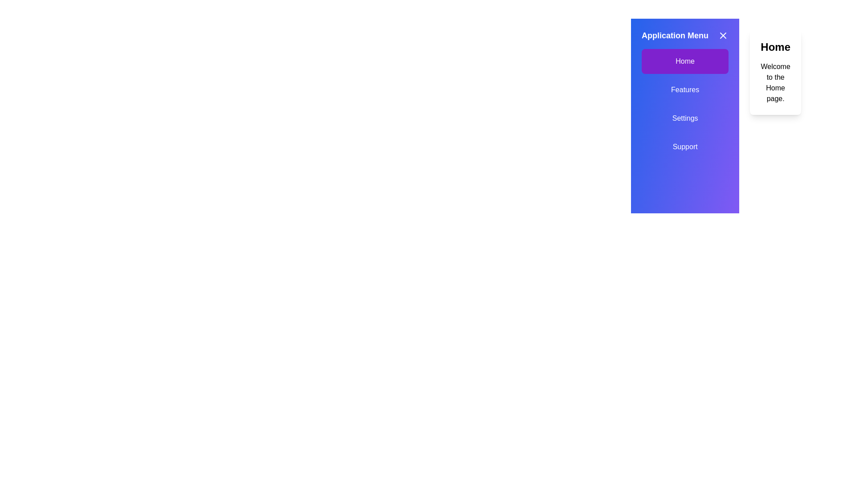  I want to click on the menu option Support, so click(684, 147).